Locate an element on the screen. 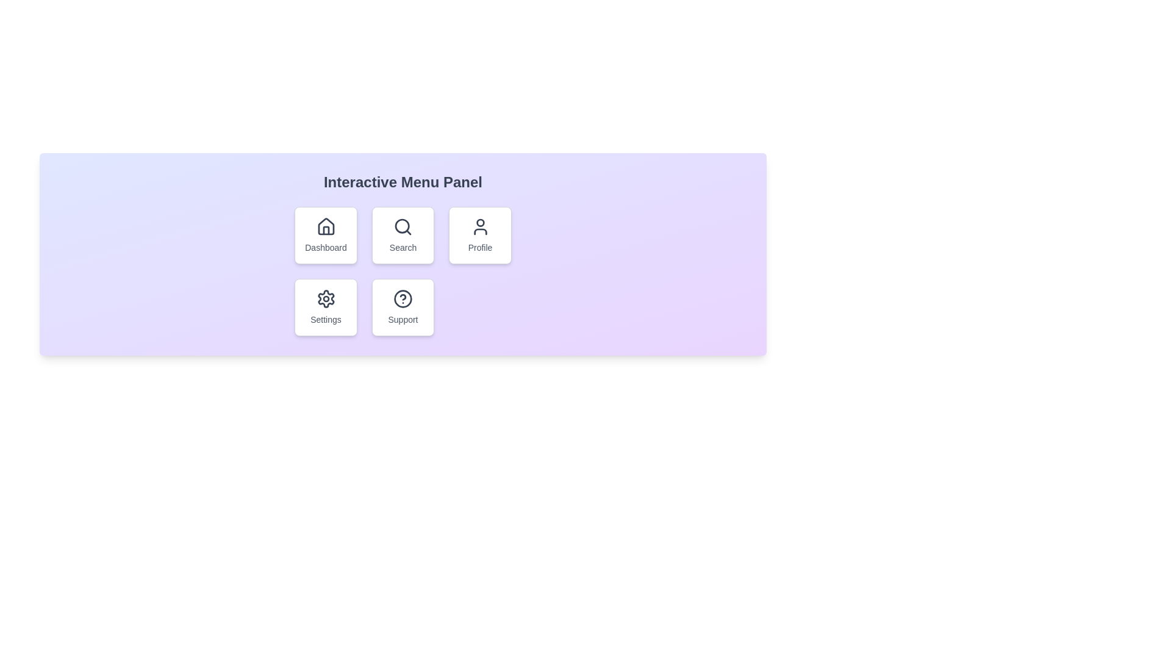  the 'Dashboard' button, which is the leftmost card in the top row of the grid layout is located at coordinates (326, 235).